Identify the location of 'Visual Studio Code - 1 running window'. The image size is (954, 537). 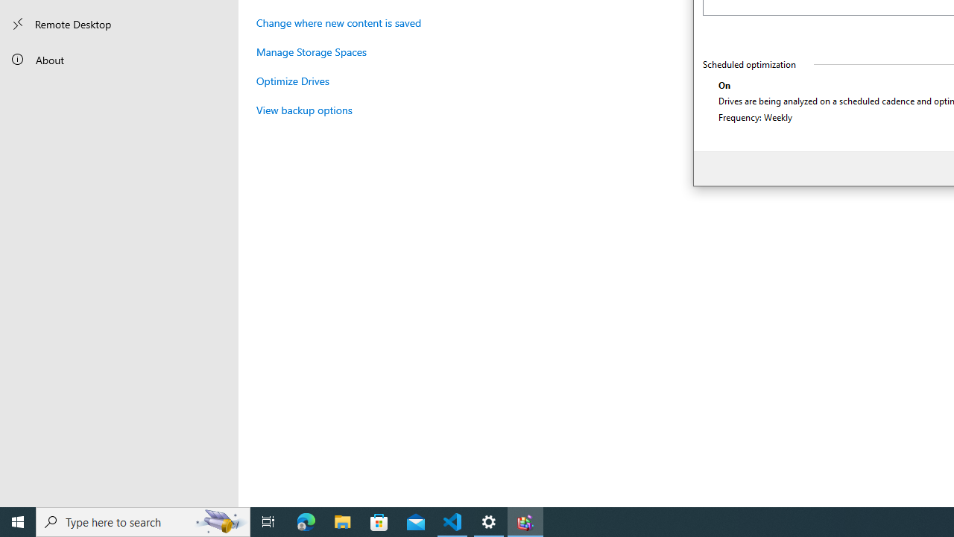
(452, 521).